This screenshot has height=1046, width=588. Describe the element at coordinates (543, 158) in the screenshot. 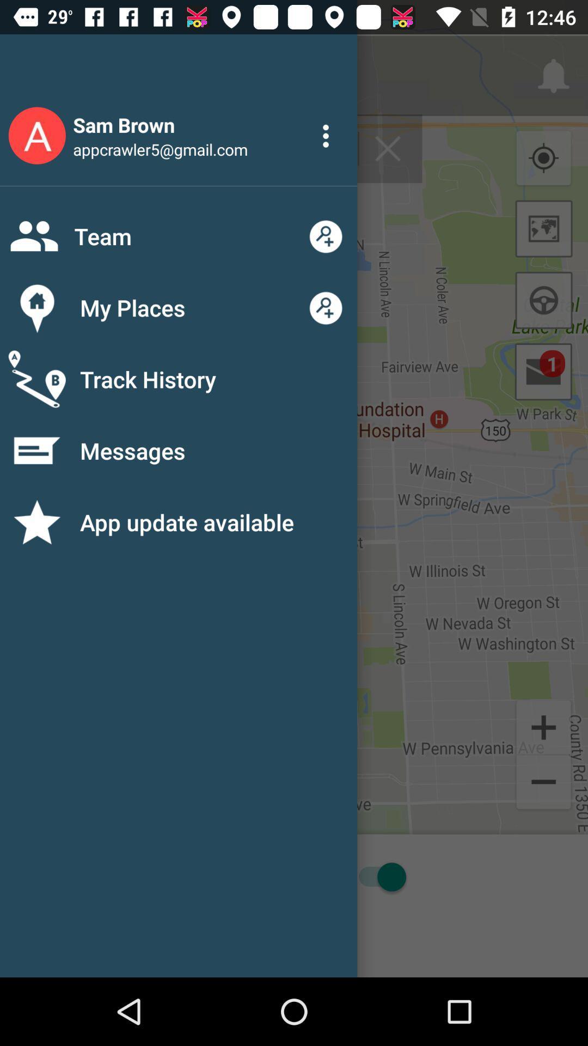

I see `the location_crosshair icon` at that location.